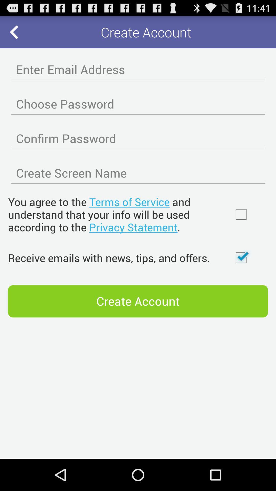 This screenshot has width=276, height=491. I want to click on the arrow_backward icon, so click(16, 34).